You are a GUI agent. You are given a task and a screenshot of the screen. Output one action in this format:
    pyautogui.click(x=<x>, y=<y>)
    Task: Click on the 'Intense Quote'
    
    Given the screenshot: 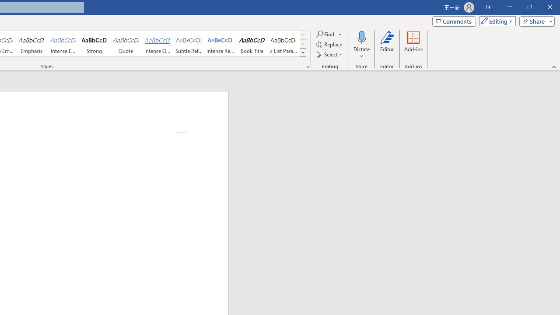 What is the action you would take?
    pyautogui.click(x=157, y=44)
    